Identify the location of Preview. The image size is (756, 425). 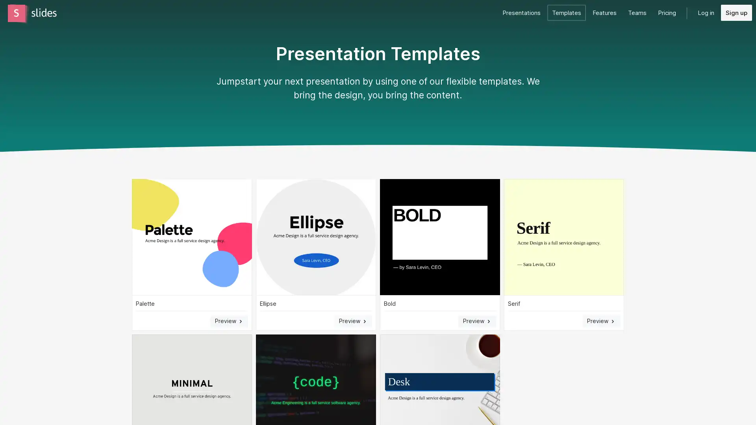
(476, 321).